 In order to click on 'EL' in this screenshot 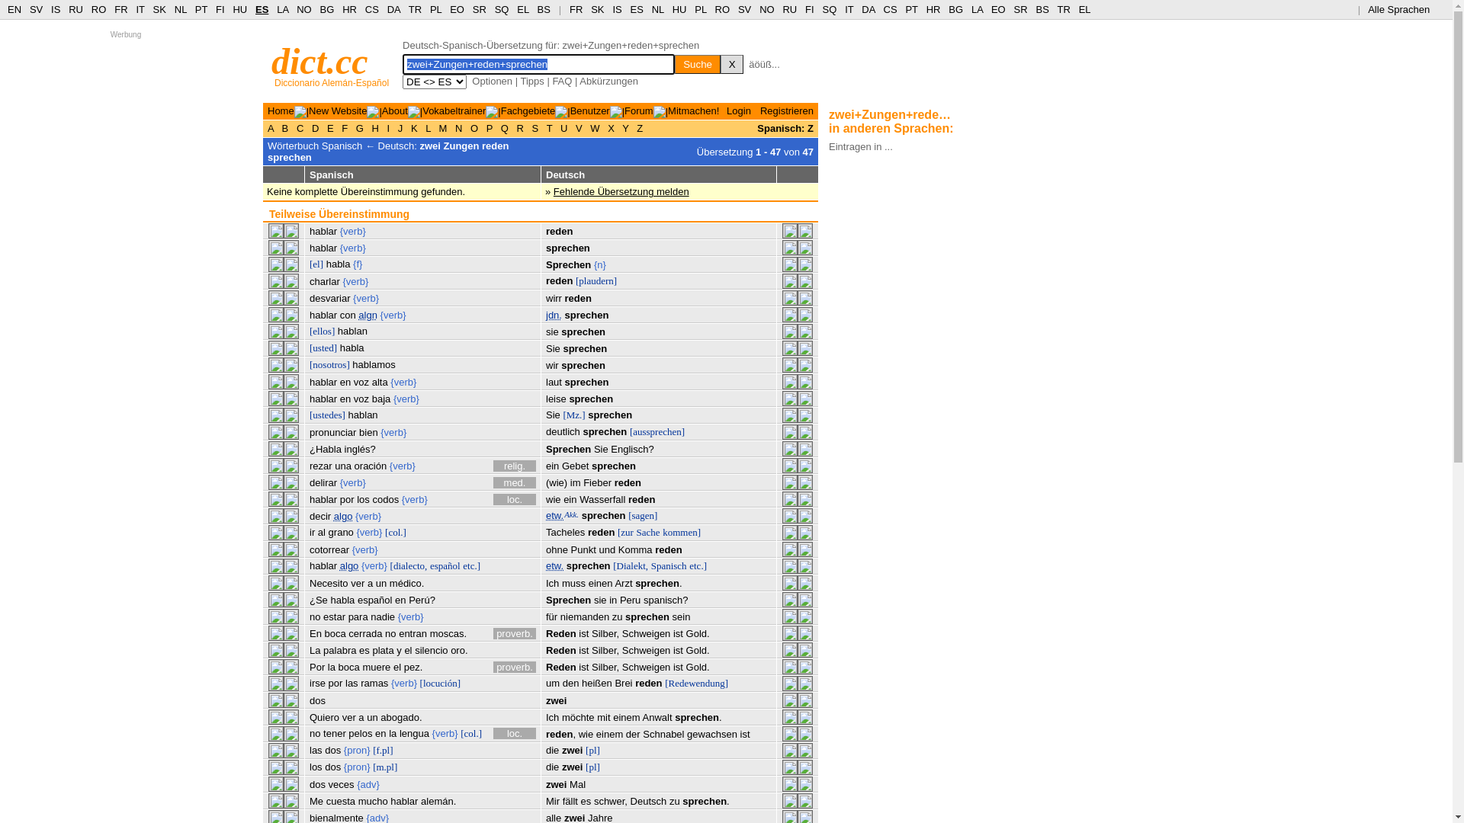, I will do `click(522, 9)`.